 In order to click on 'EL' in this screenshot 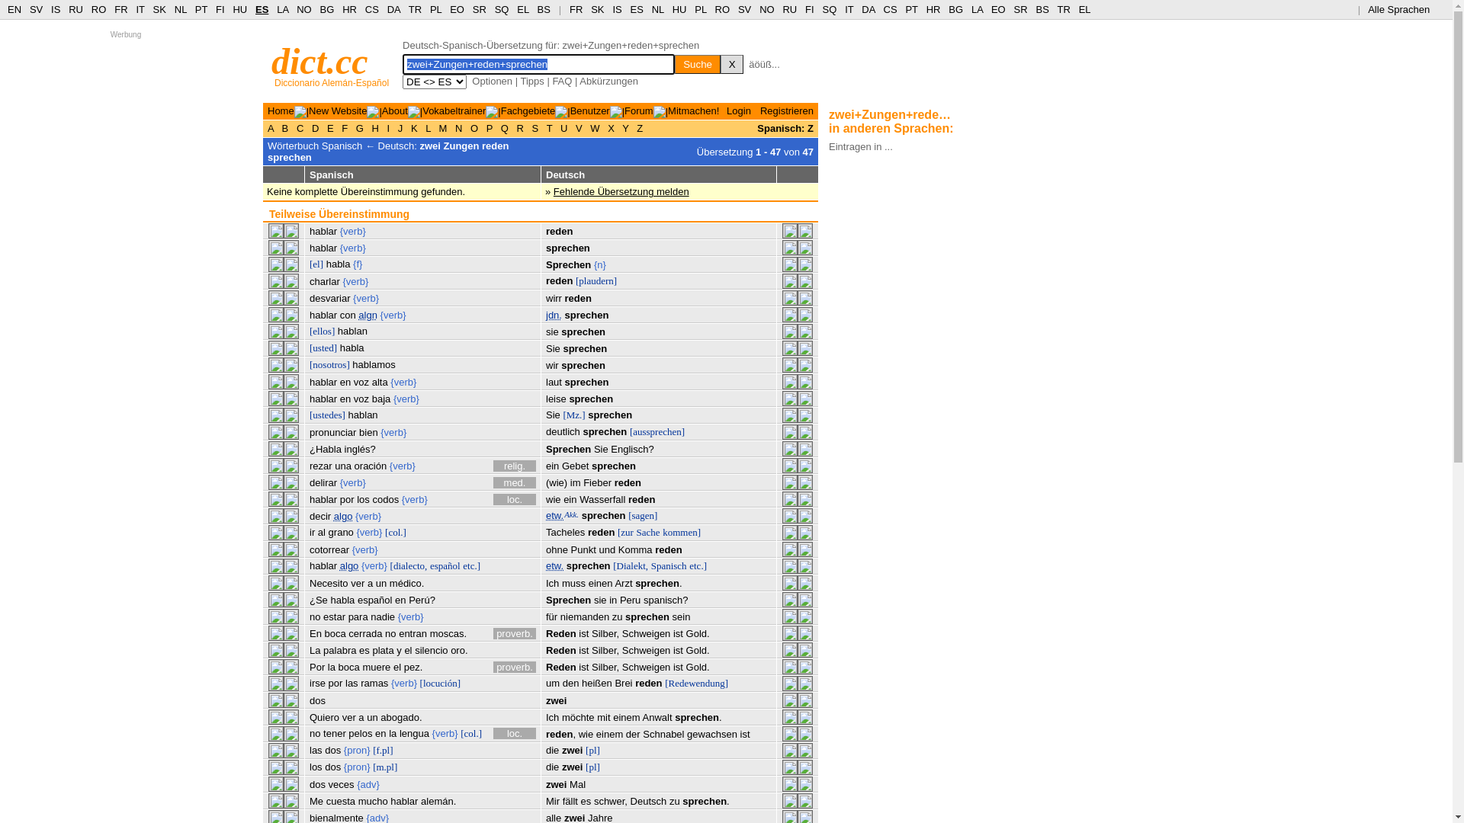, I will do `click(522, 9)`.